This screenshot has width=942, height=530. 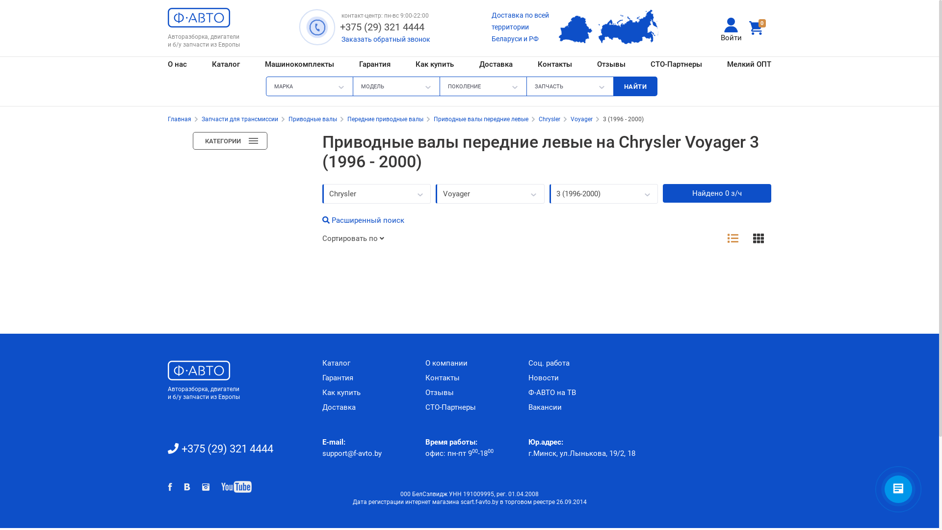 What do you see at coordinates (538, 119) in the screenshot?
I see `'Chrysler'` at bounding box center [538, 119].